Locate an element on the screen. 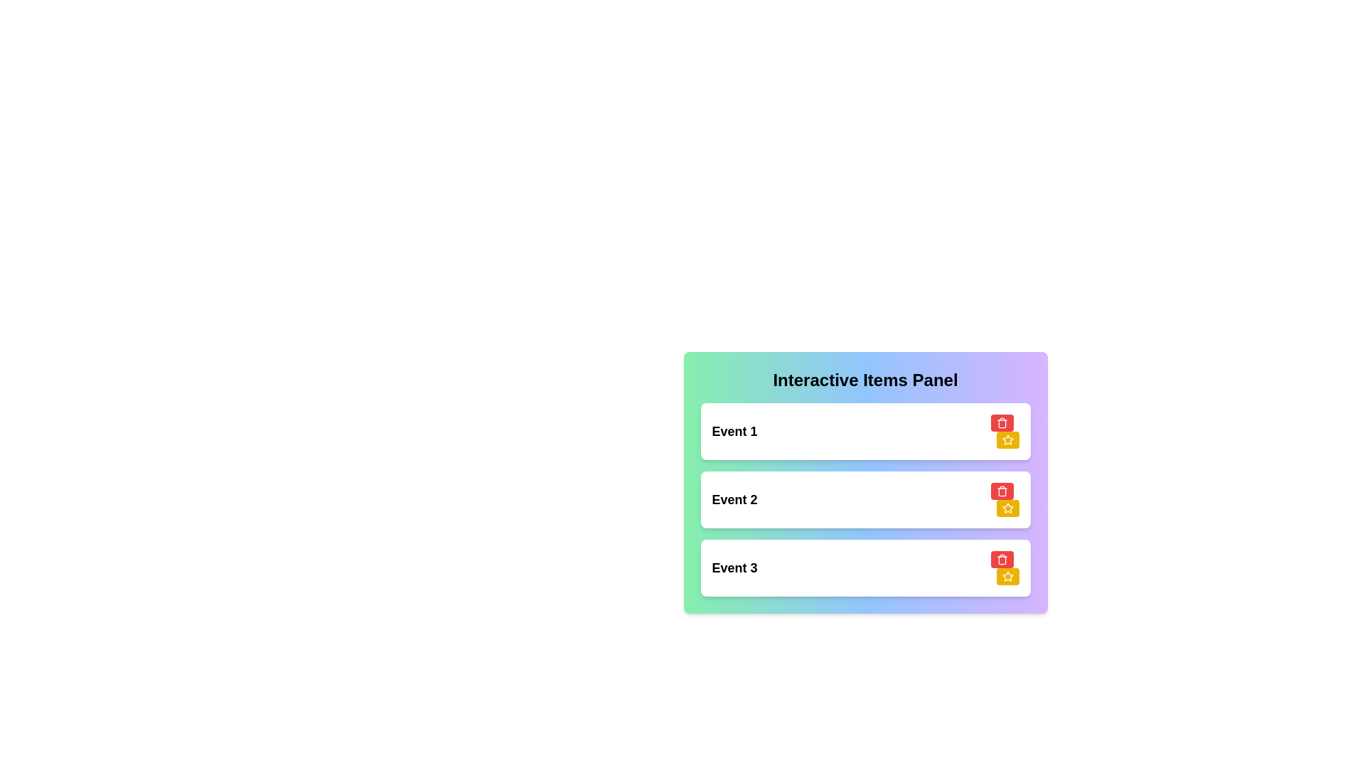  the star icon located to the far-right of the 'Event 3' row in the 'Interactive Items Panel' is located at coordinates (1007, 507).